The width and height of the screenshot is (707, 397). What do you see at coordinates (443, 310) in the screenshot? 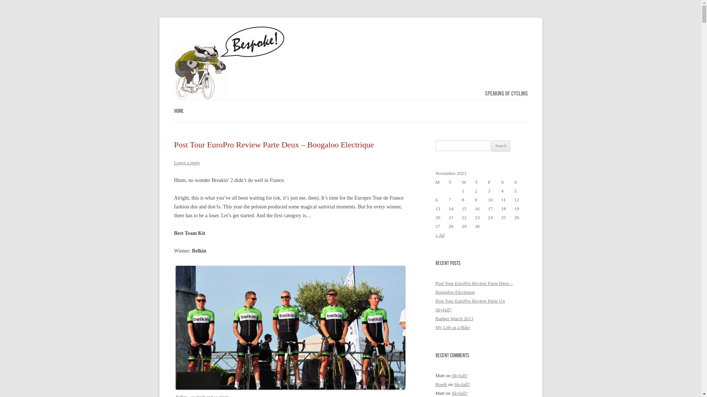
I see `'Skyfall?'` at bounding box center [443, 310].